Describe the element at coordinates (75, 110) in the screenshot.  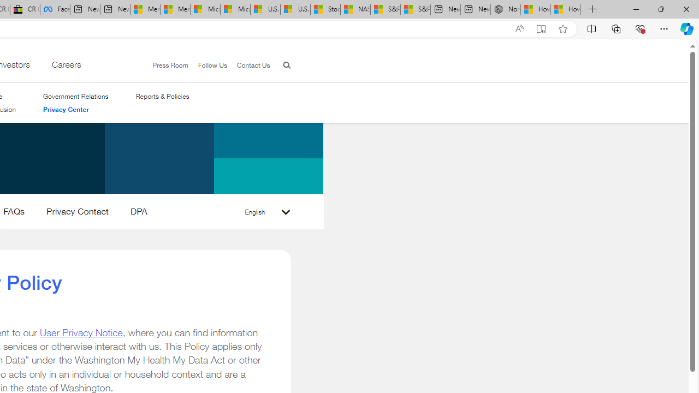
I see `'Privacy Center'` at that location.